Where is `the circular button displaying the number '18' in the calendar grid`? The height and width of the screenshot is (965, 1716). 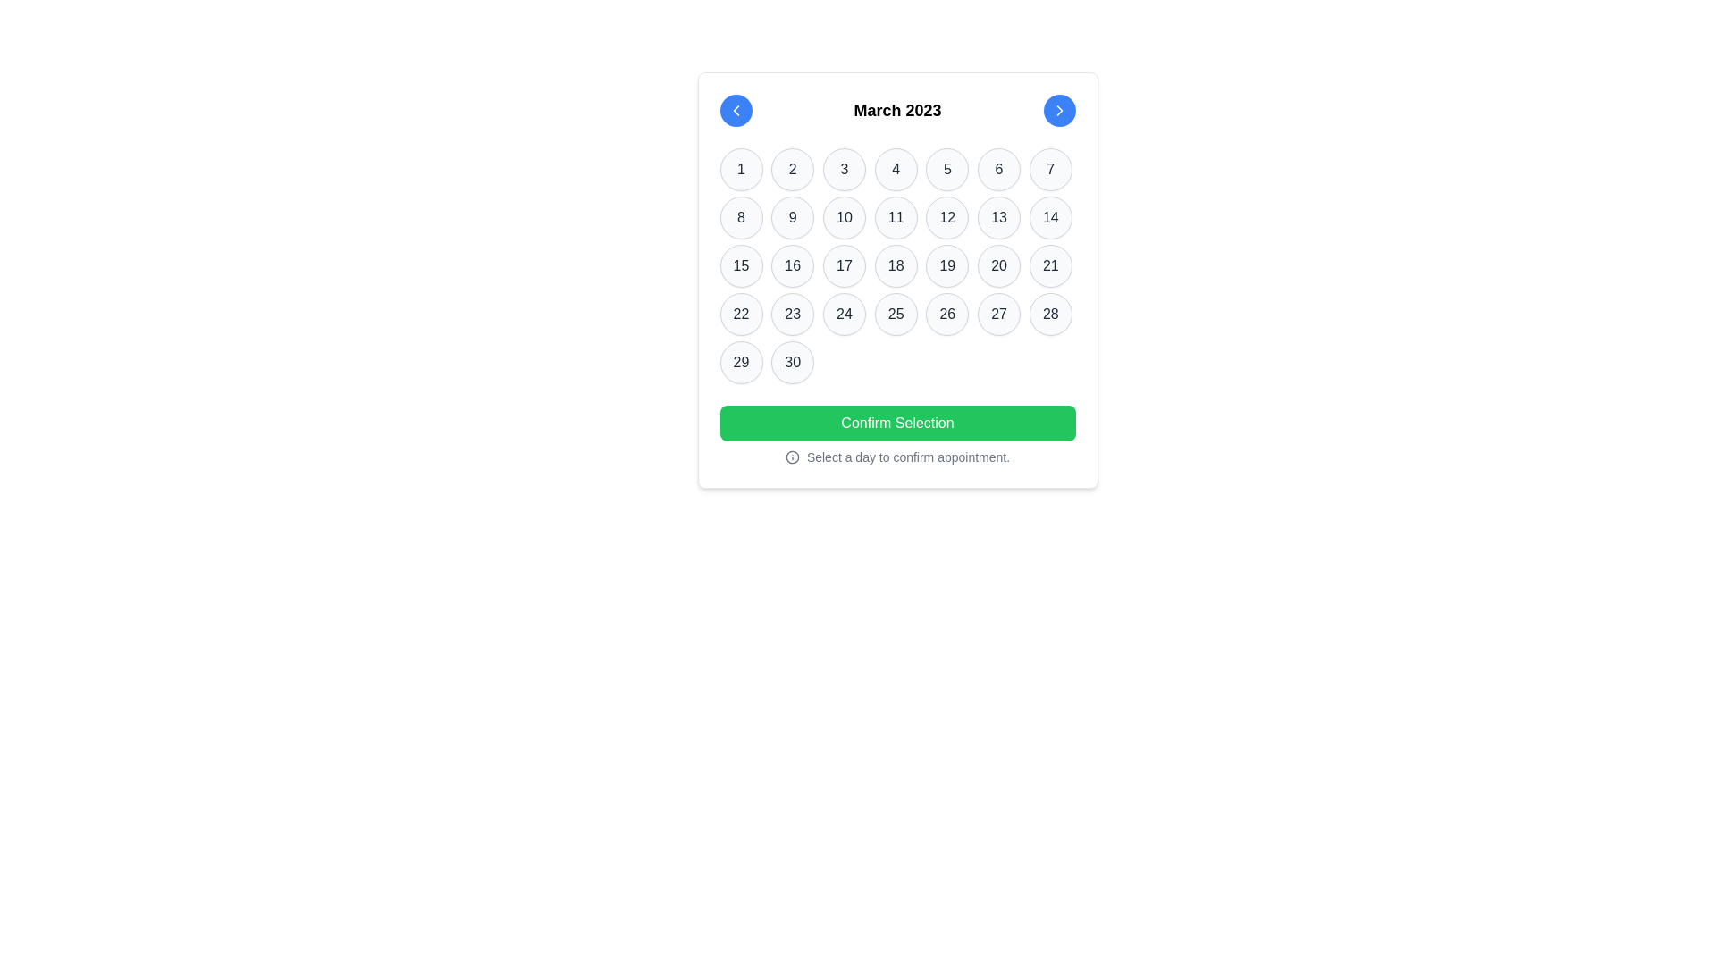
the circular button displaying the number '18' in the calendar grid is located at coordinates (896, 265).